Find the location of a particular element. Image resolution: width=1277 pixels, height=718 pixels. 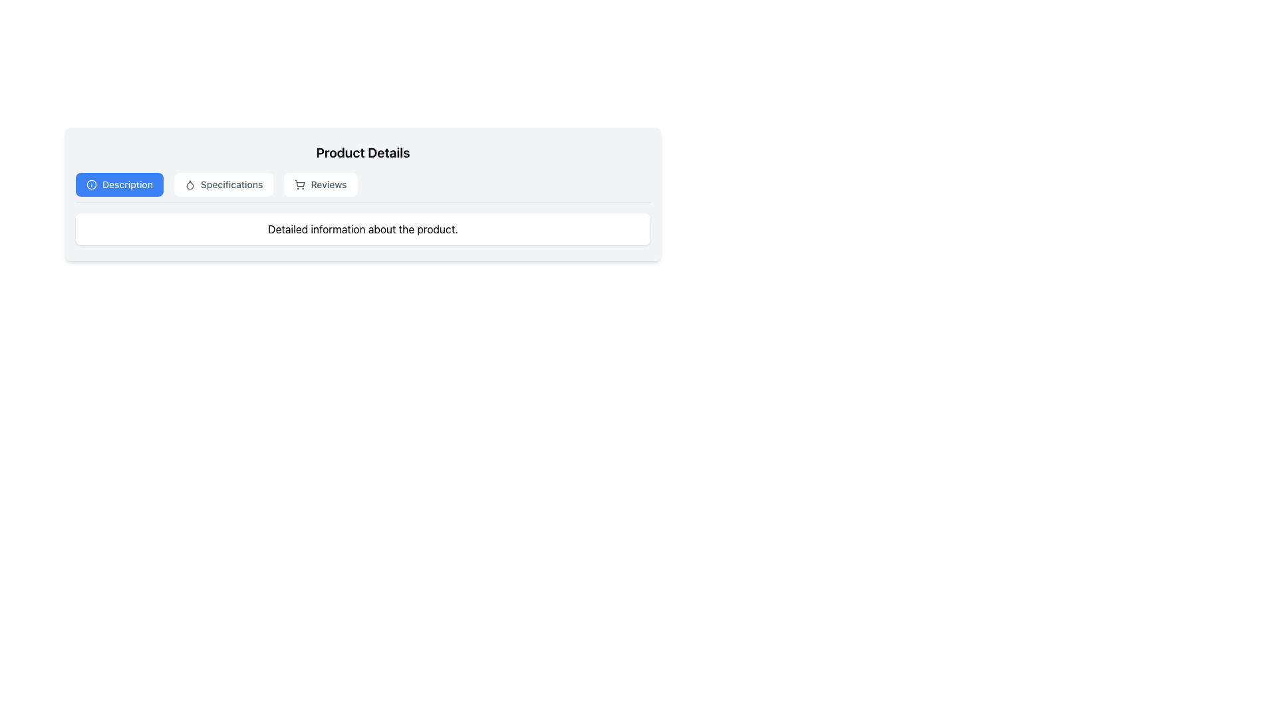

the blue rectangular button labeled 'Description' with rounded corners and an information icon is located at coordinates (119, 184).